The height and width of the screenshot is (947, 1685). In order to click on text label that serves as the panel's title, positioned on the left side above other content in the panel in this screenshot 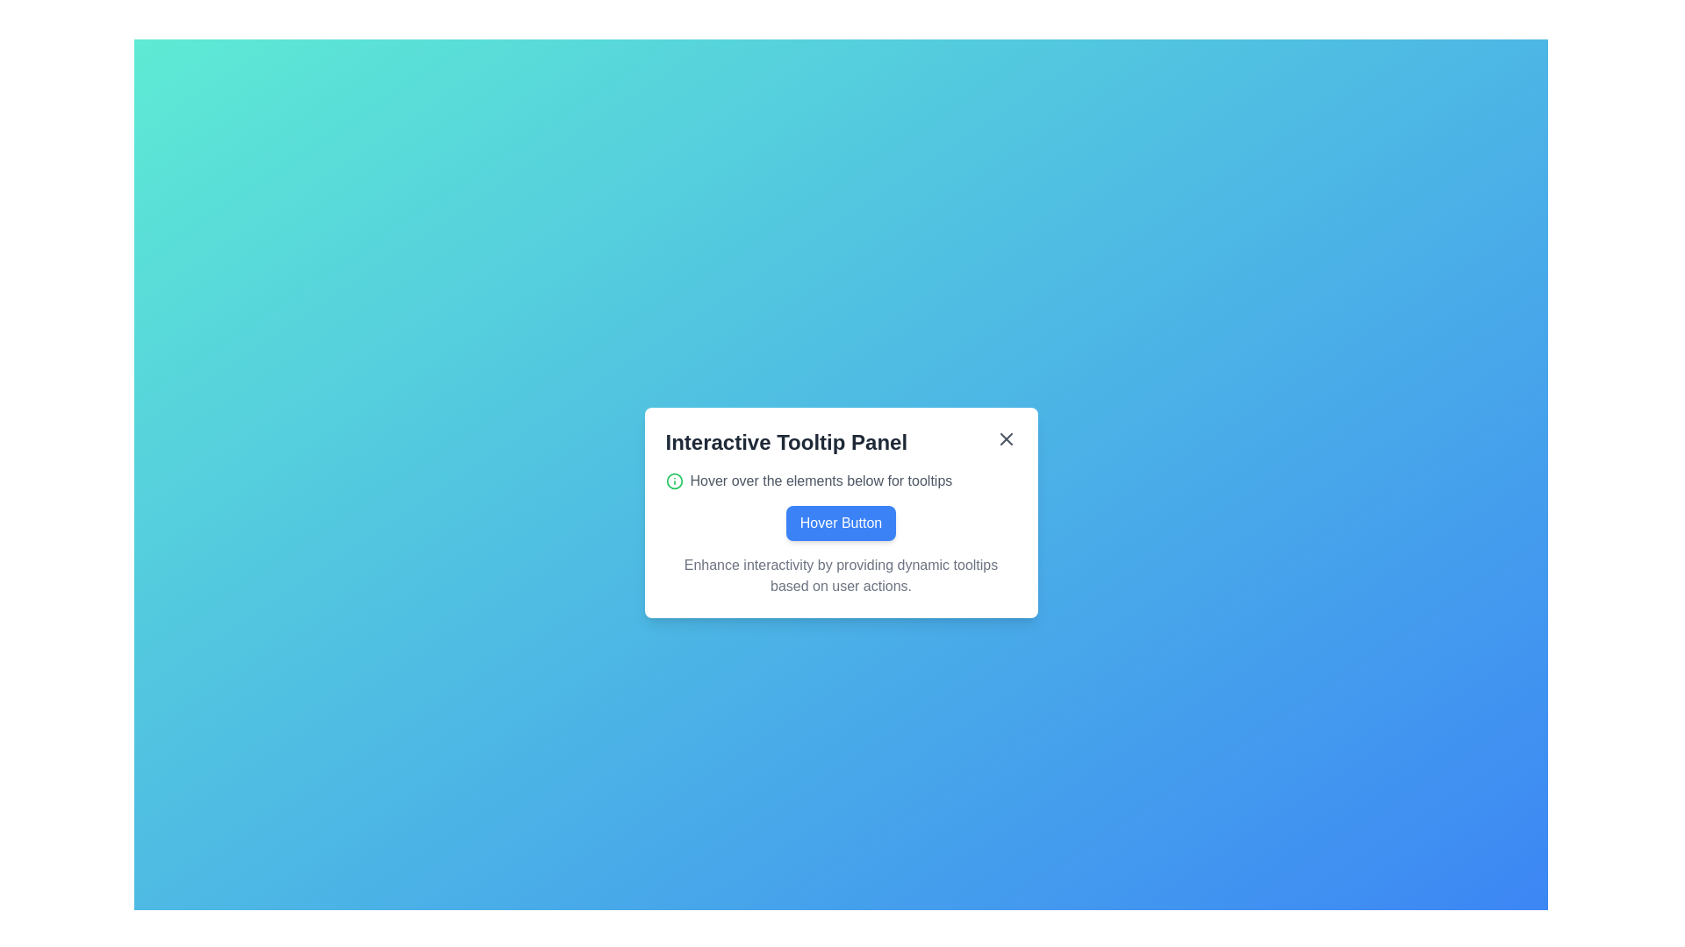, I will do `click(785, 442)`.